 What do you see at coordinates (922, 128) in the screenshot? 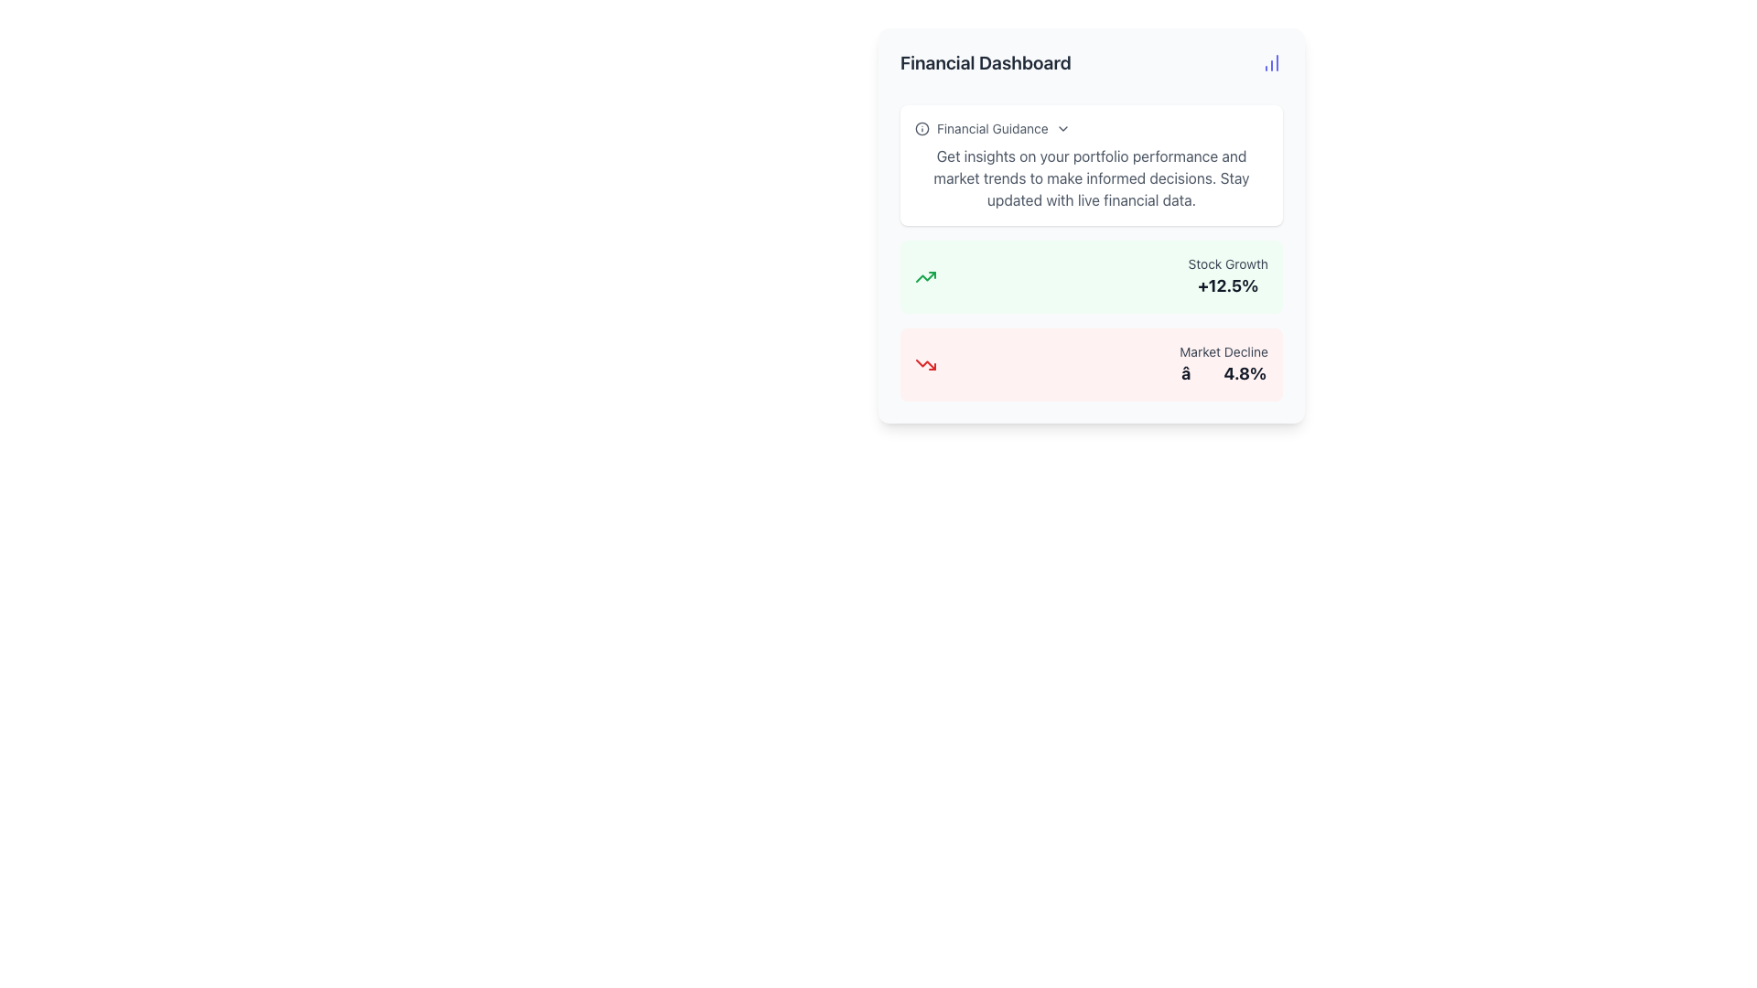
I see `the circular informational icon with the letter 'i' located to the left of the text 'Financial Guidance'` at bounding box center [922, 128].